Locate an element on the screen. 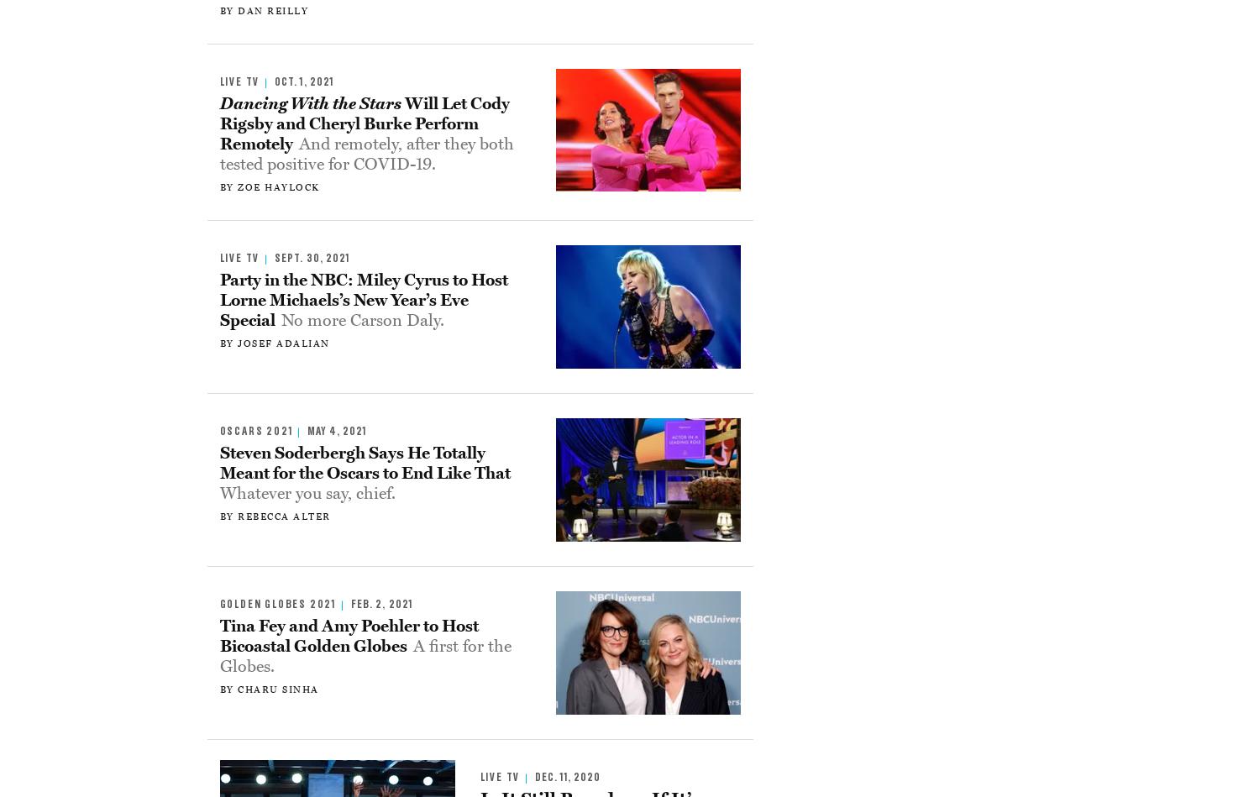  'oscars 2021' is located at coordinates (255, 430).